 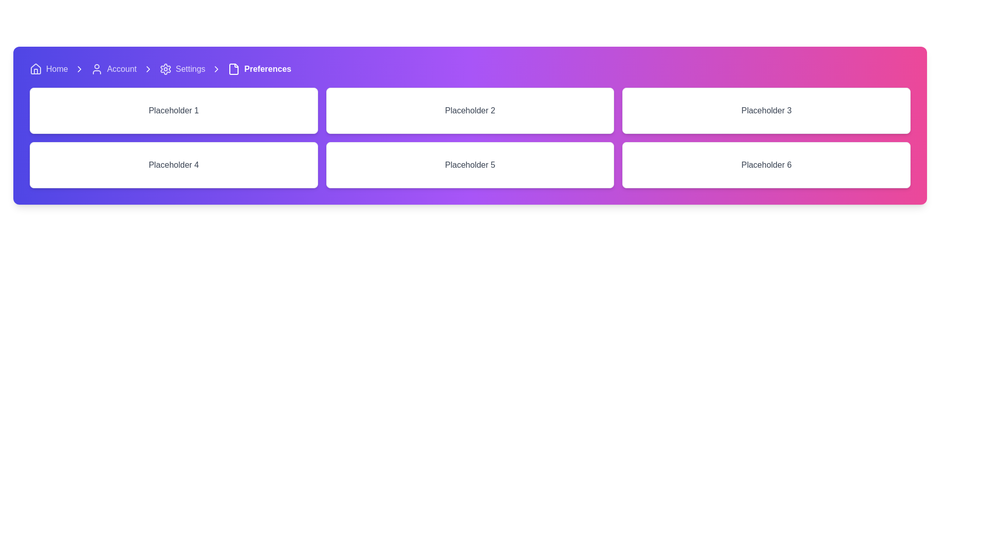 What do you see at coordinates (78, 69) in the screenshot?
I see `the small, right-pointing chevron arrow icon located between the 'Home' and 'Account' breadcrumb labels in the navigation bar` at bounding box center [78, 69].